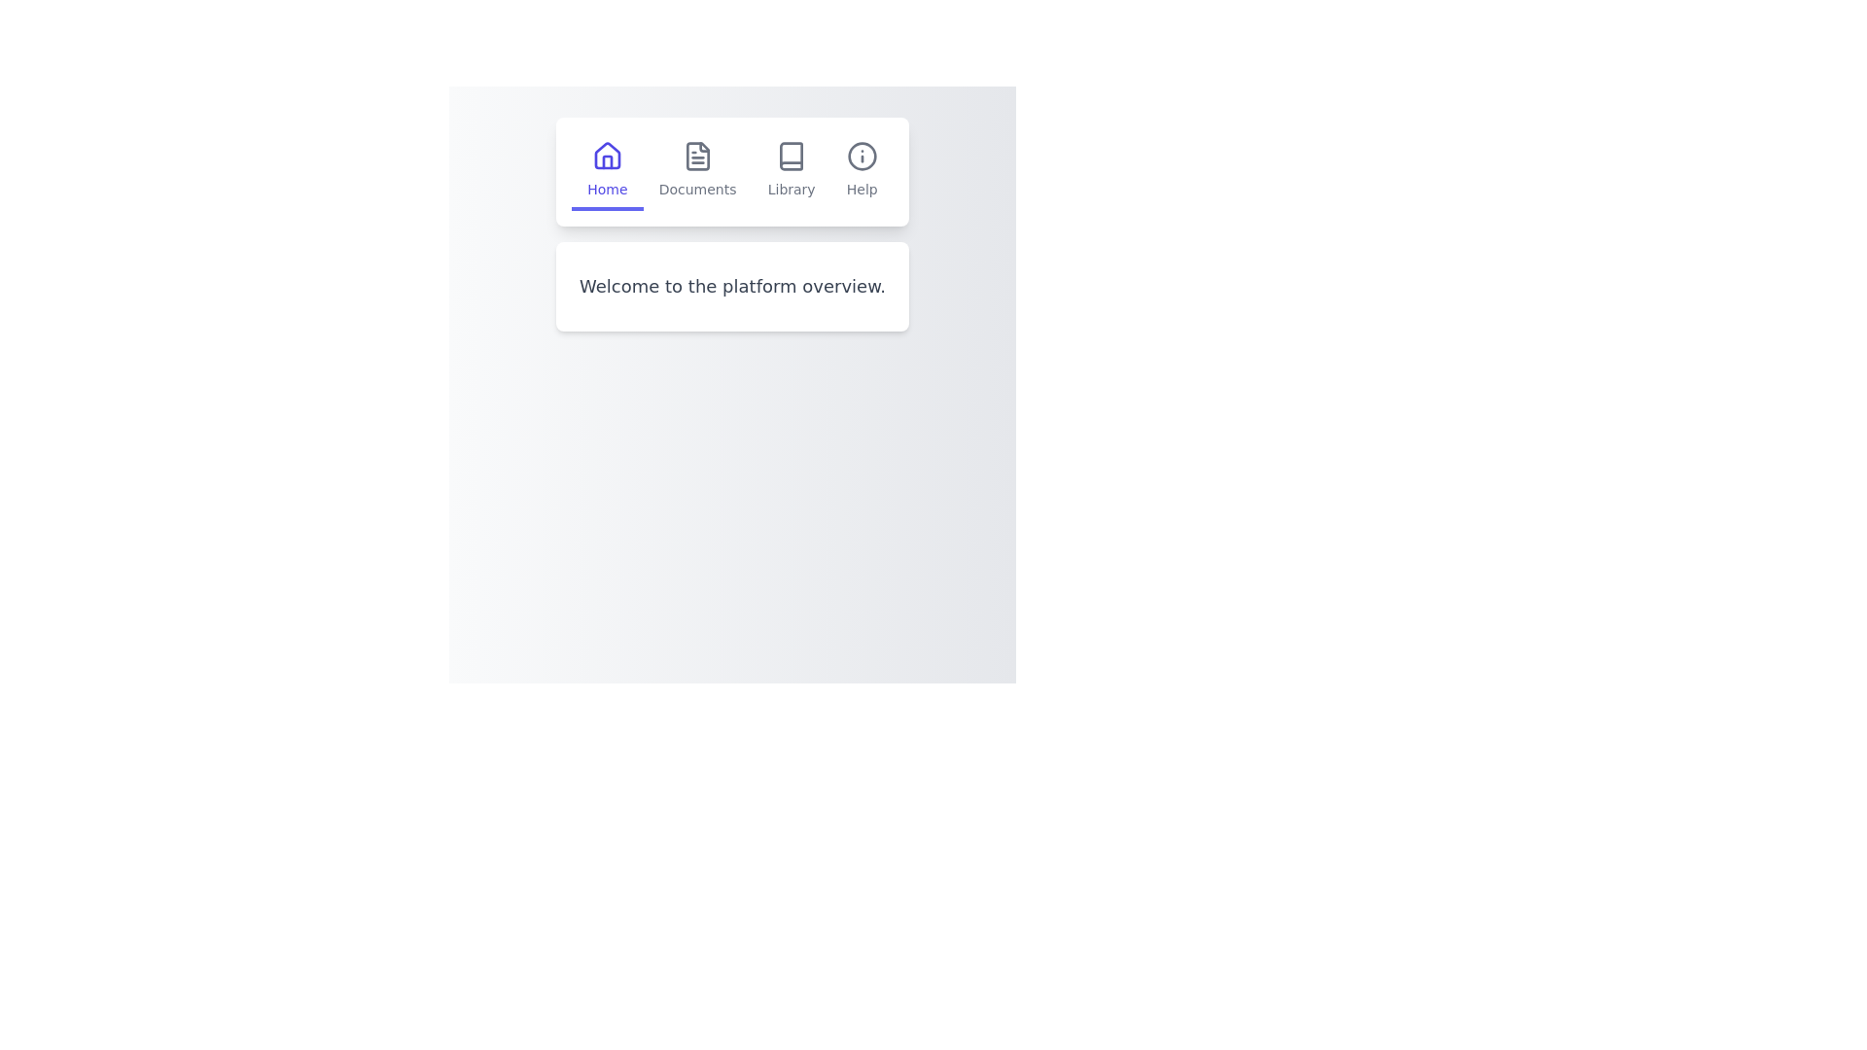 This screenshot has height=1050, width=1867. I want to click on the Library tab in the navigation bar, so click(792, 171).